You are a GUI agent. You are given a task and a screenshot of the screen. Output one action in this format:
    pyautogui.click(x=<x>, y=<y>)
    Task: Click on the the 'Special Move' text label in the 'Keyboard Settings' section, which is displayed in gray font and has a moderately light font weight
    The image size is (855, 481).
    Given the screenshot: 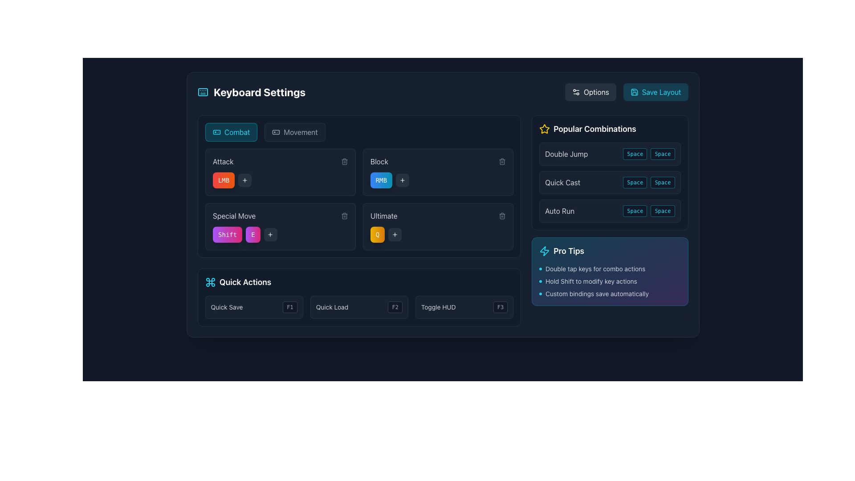 What is the action you would take?
    pyautogui.click(x=234, y=216)
    